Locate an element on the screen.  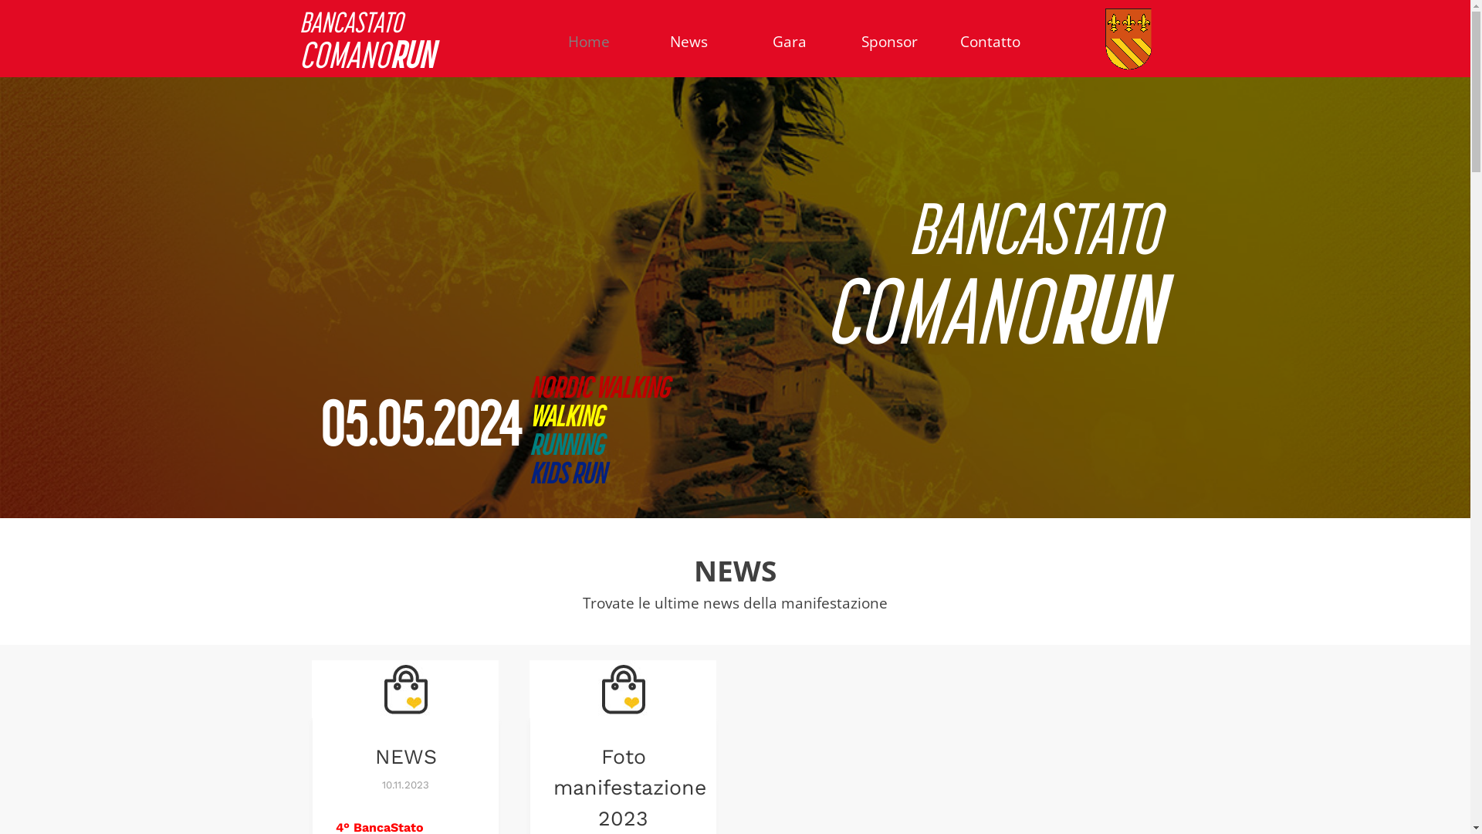
'Home' is located at coordinates (588, 40).